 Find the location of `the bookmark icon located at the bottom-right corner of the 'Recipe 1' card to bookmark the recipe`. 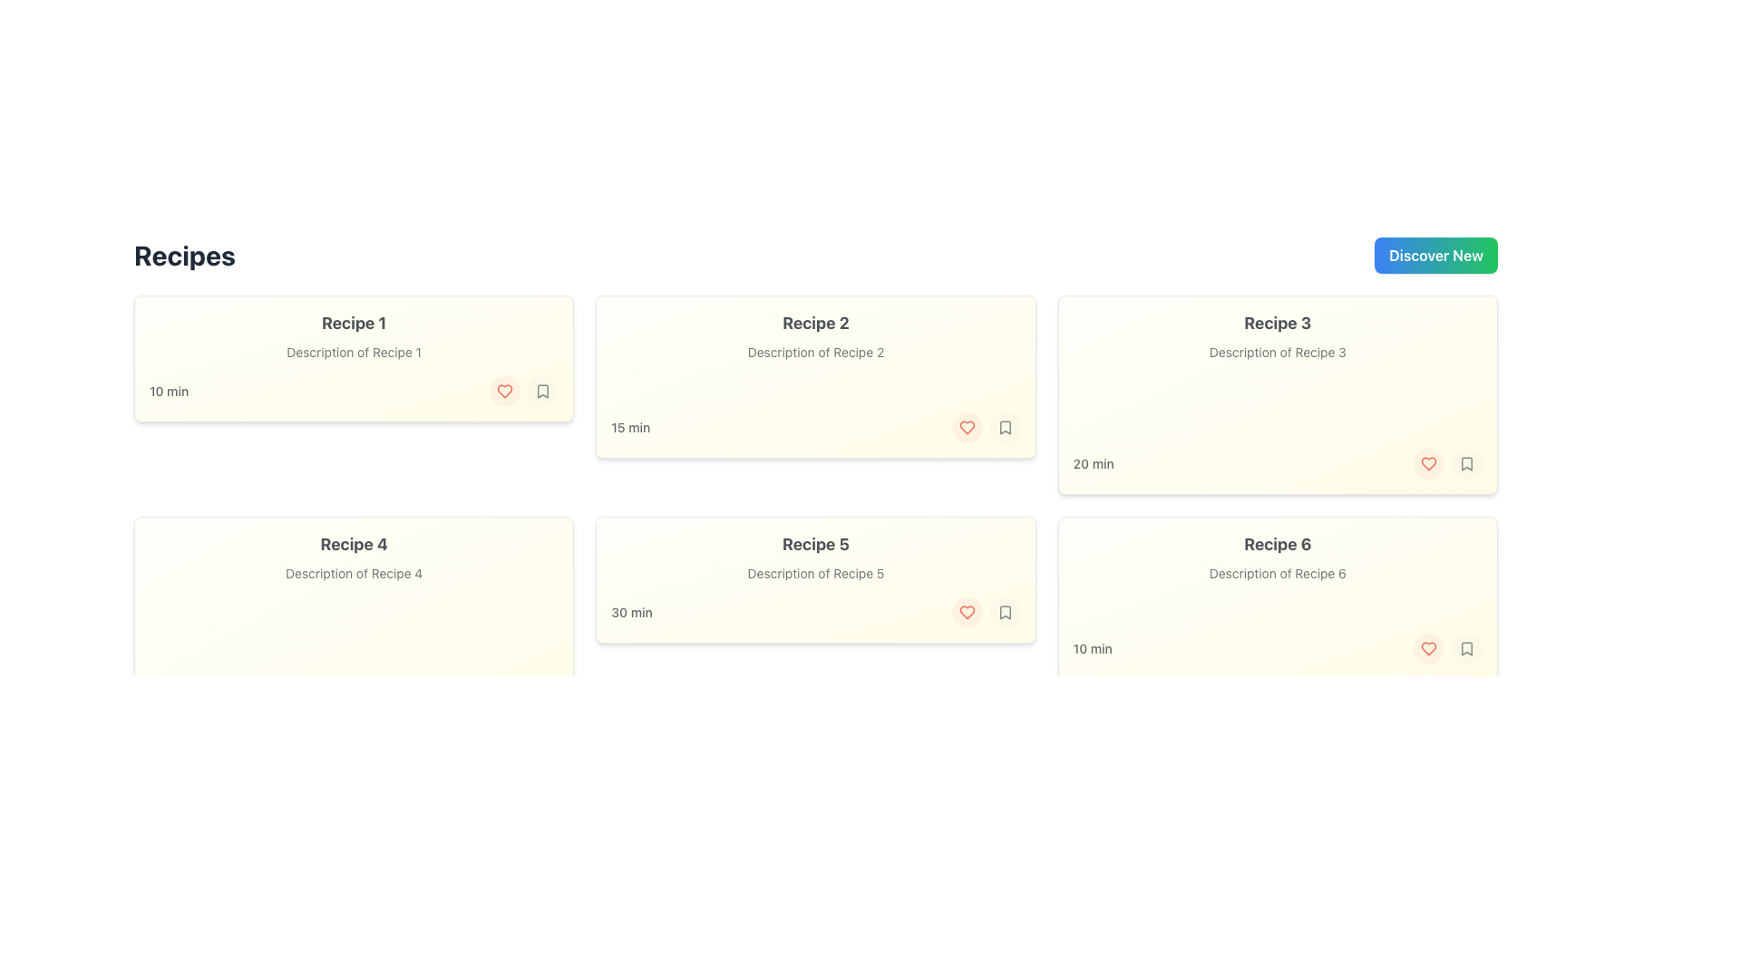

the bookmark icon located at the bottom-right corner of the 'Recipe 1' card to bookmark the recipe is located at coordinates (542, 391).